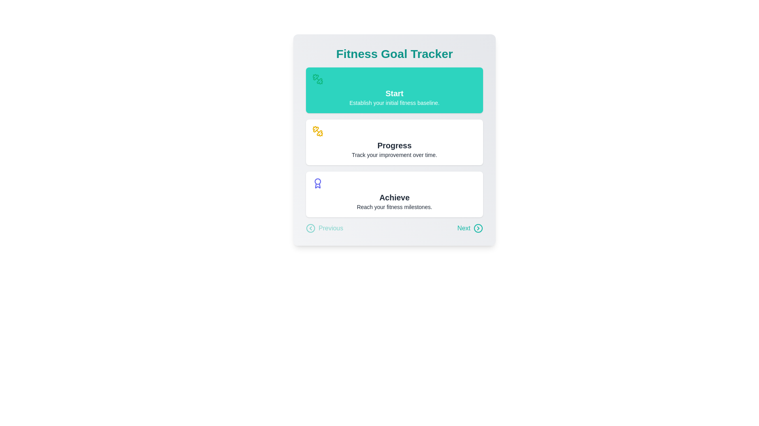 The image size is (759, 426). I want to click on the Text label that serves as a header for the progress tracking section, located centrally under the 'Fitness Goal Tracker' title, so click(395, 146).